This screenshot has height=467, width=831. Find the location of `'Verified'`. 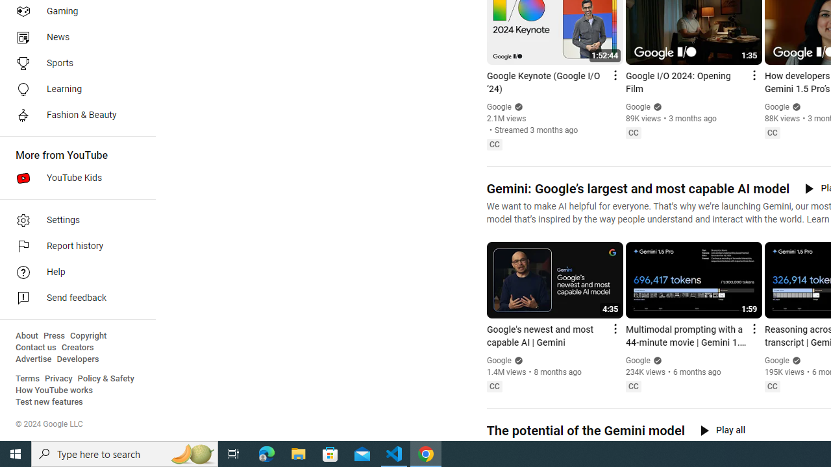

'Verified' is located at coordinates (794, 360).